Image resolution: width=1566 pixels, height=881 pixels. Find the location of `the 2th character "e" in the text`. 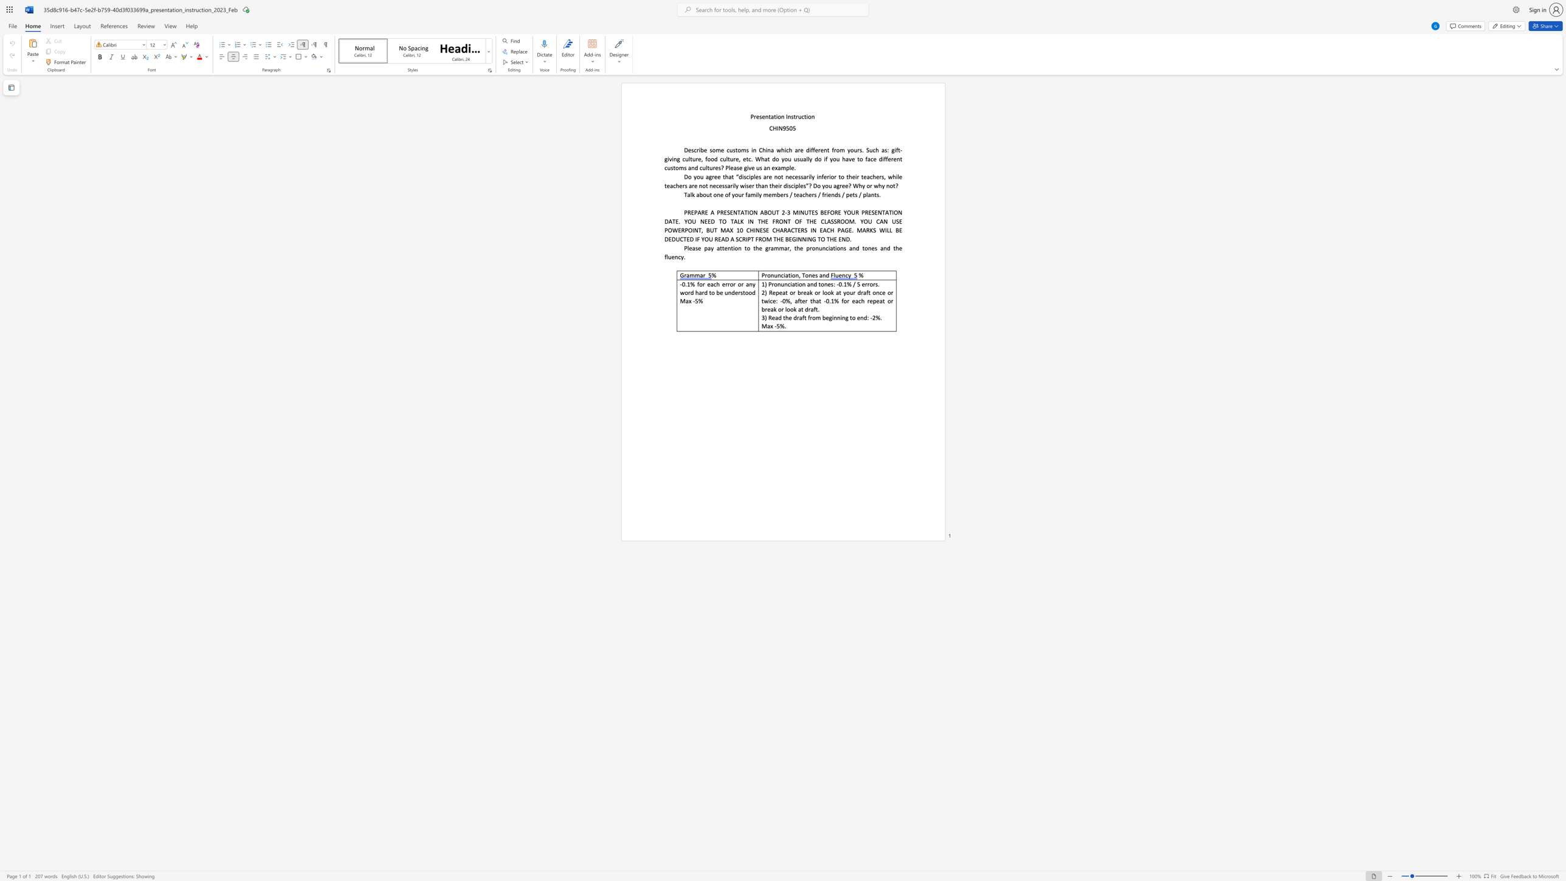

the 2th character "e" in the text is located at coordinates (769, 194).